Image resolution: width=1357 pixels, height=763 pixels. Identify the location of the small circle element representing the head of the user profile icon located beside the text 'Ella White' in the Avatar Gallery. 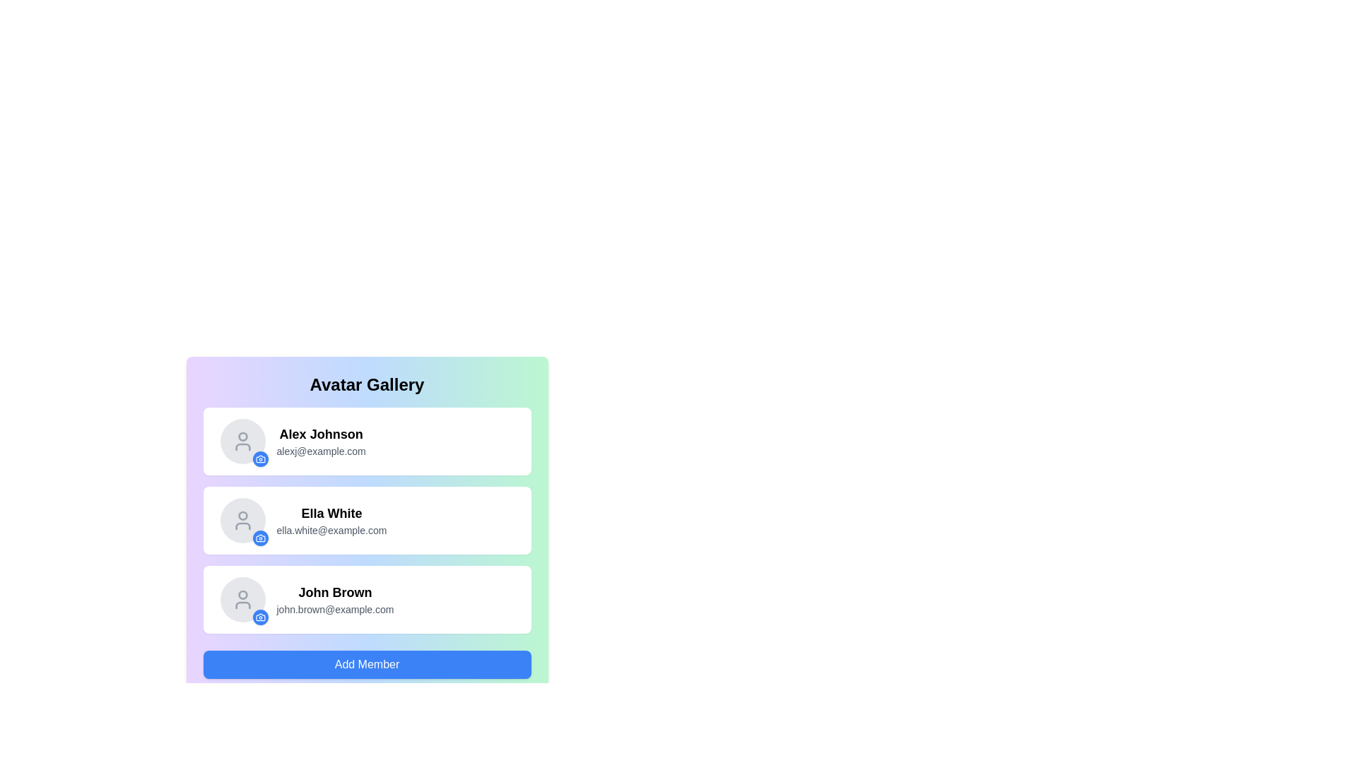
(242, 516).